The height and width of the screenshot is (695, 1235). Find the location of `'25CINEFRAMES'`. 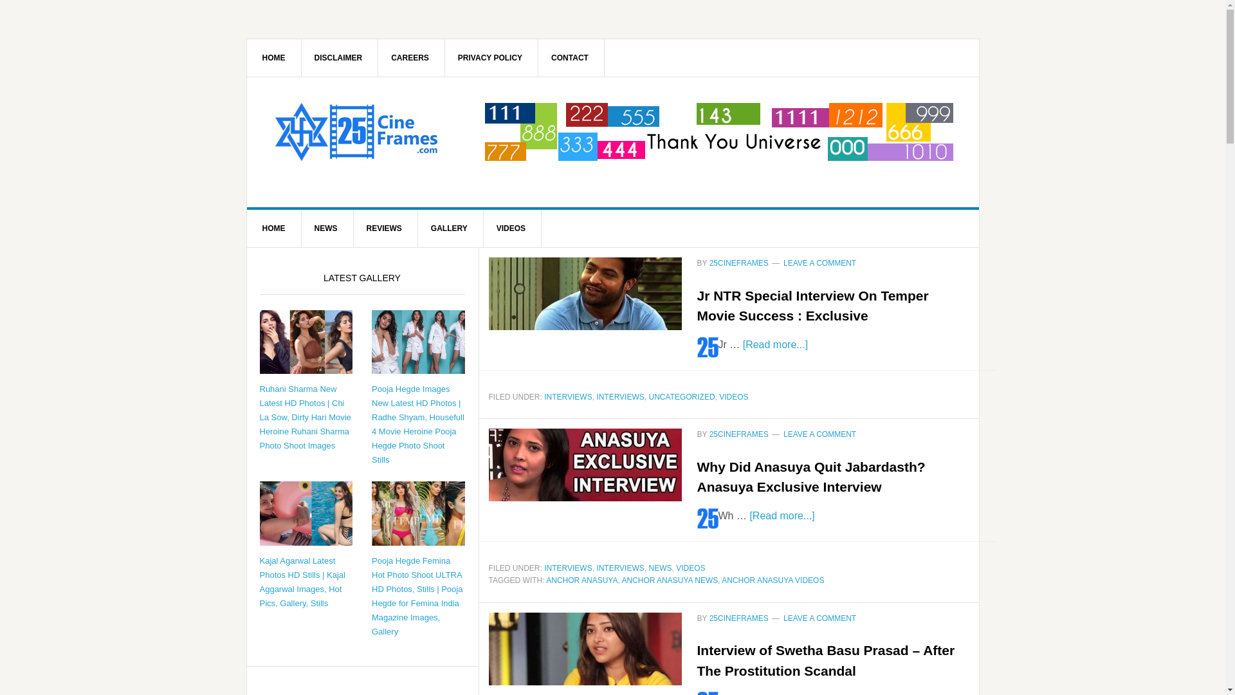

'25CINEFRAMES' is located at coordinates (356, 131).